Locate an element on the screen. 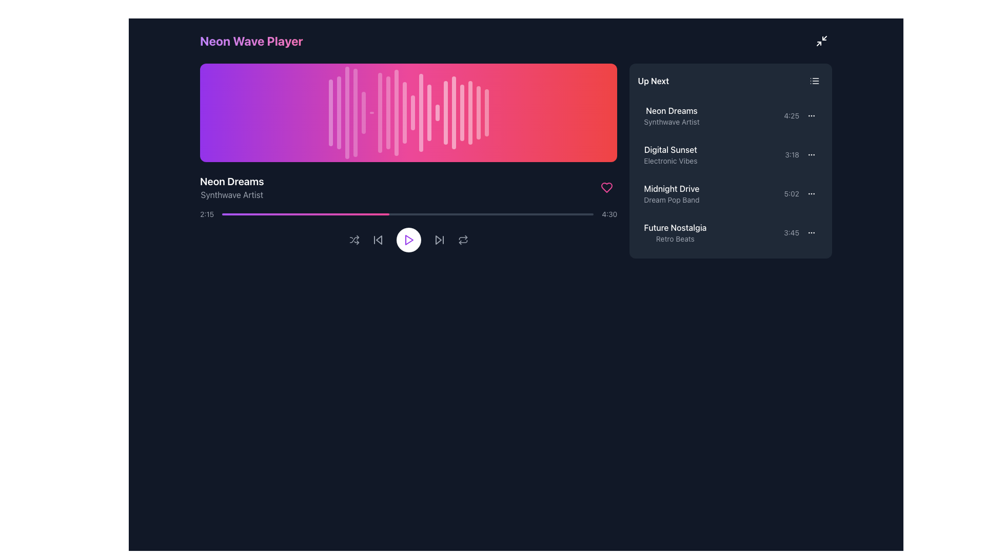 This screenshot has height=554, width=985. the button resembling a minimize or resize action, which is represented by two diagonal arrows on a dark rectangular background, located at the top-right corner of the interface next to the 'Neon Wave Player' heading is located at coordinates (822, 41).